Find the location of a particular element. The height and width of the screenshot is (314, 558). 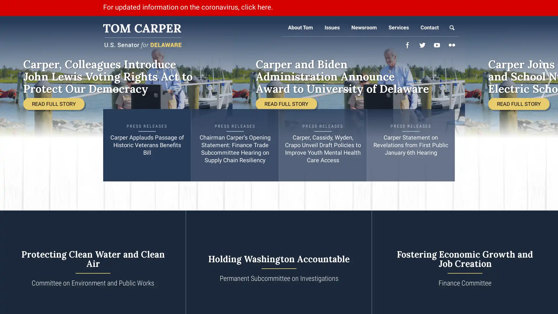

Services is located at coordinates (398, 28).